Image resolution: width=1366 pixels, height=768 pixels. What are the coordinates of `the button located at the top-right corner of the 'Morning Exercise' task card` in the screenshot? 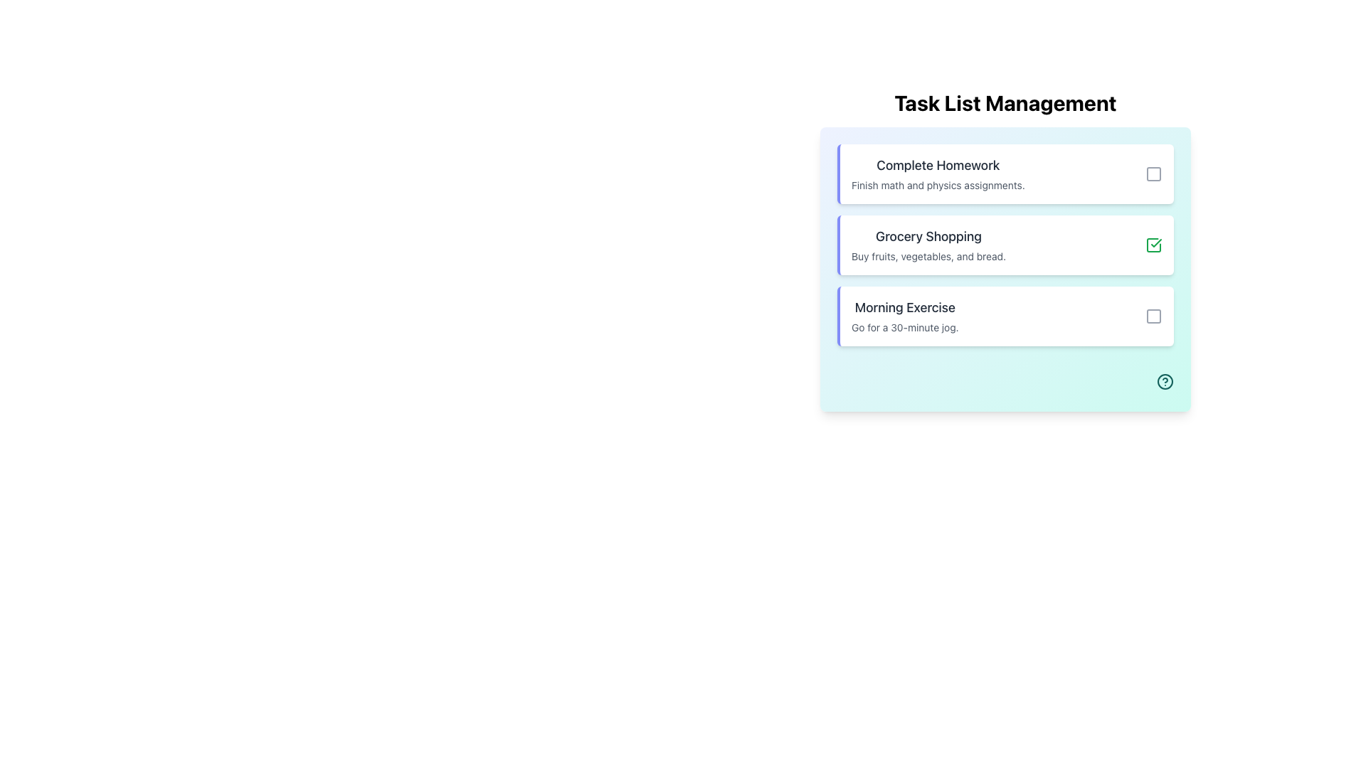 It's located at (1154, 315).